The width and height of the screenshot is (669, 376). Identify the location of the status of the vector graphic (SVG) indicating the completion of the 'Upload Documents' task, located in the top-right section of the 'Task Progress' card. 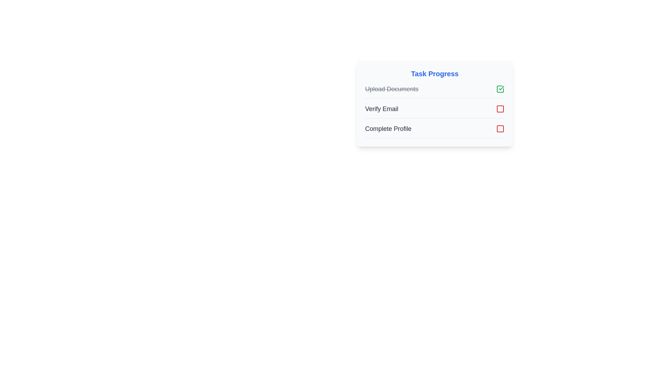
(500, 88).